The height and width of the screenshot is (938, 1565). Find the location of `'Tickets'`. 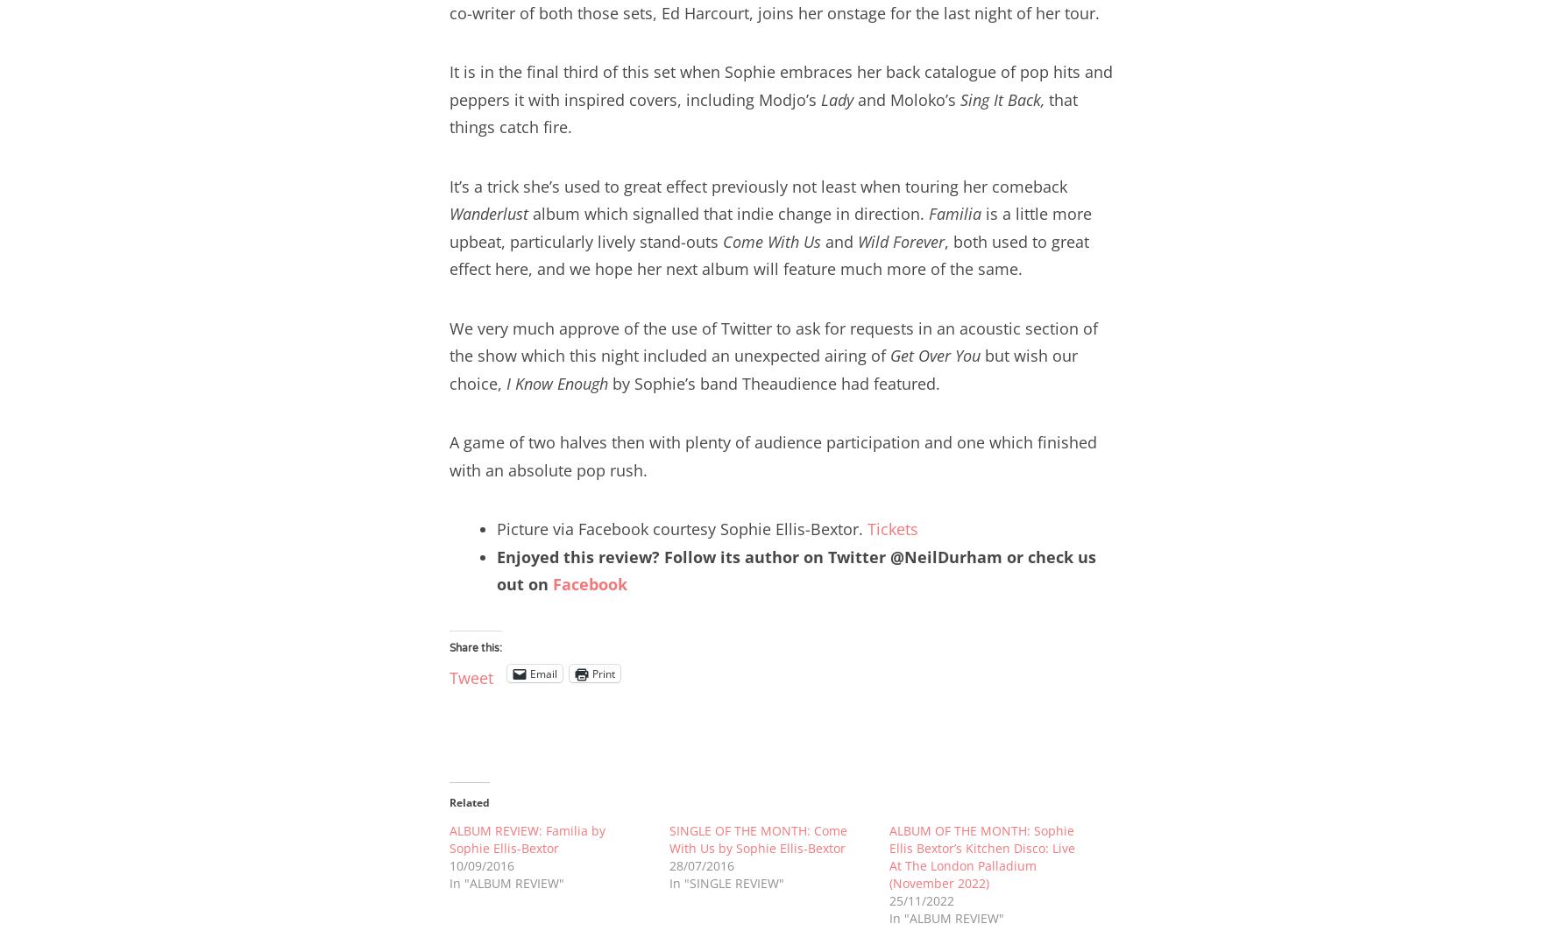

'Tickets' is located at coordinates (867, 529).